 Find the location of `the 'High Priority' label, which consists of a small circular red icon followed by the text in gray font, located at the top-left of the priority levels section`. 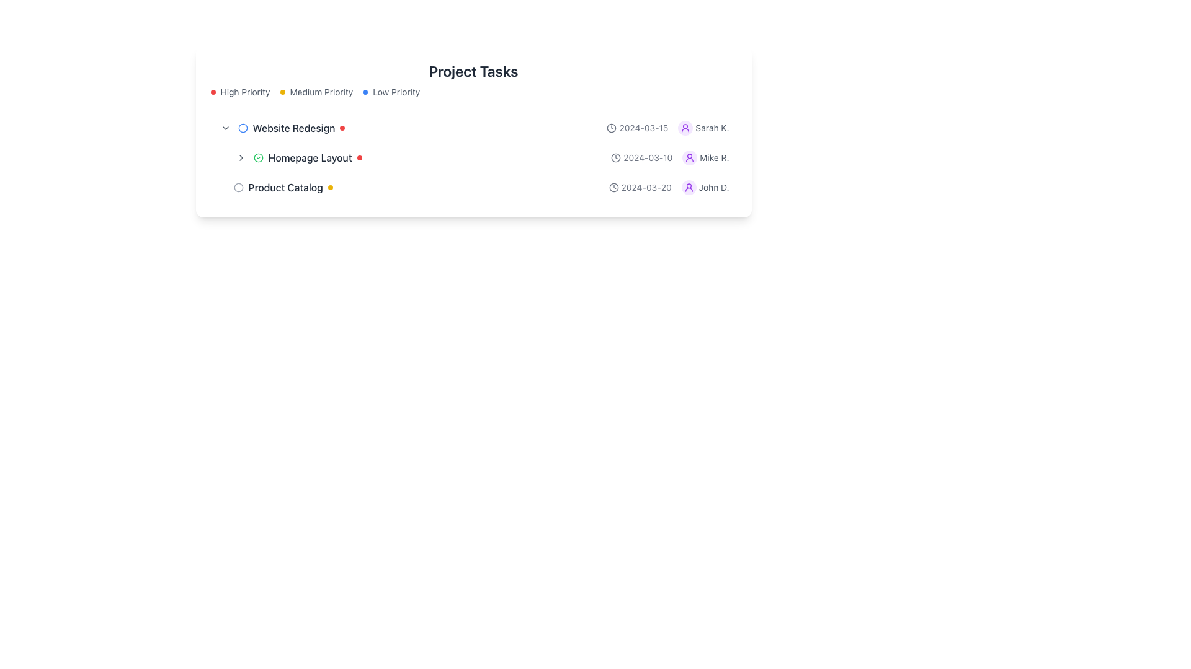

the 'High Priority' label, which consists of a small circular red icon followed by the text in gray font, located at the top-left of the priority levels section is located at coordinates (240, 92).